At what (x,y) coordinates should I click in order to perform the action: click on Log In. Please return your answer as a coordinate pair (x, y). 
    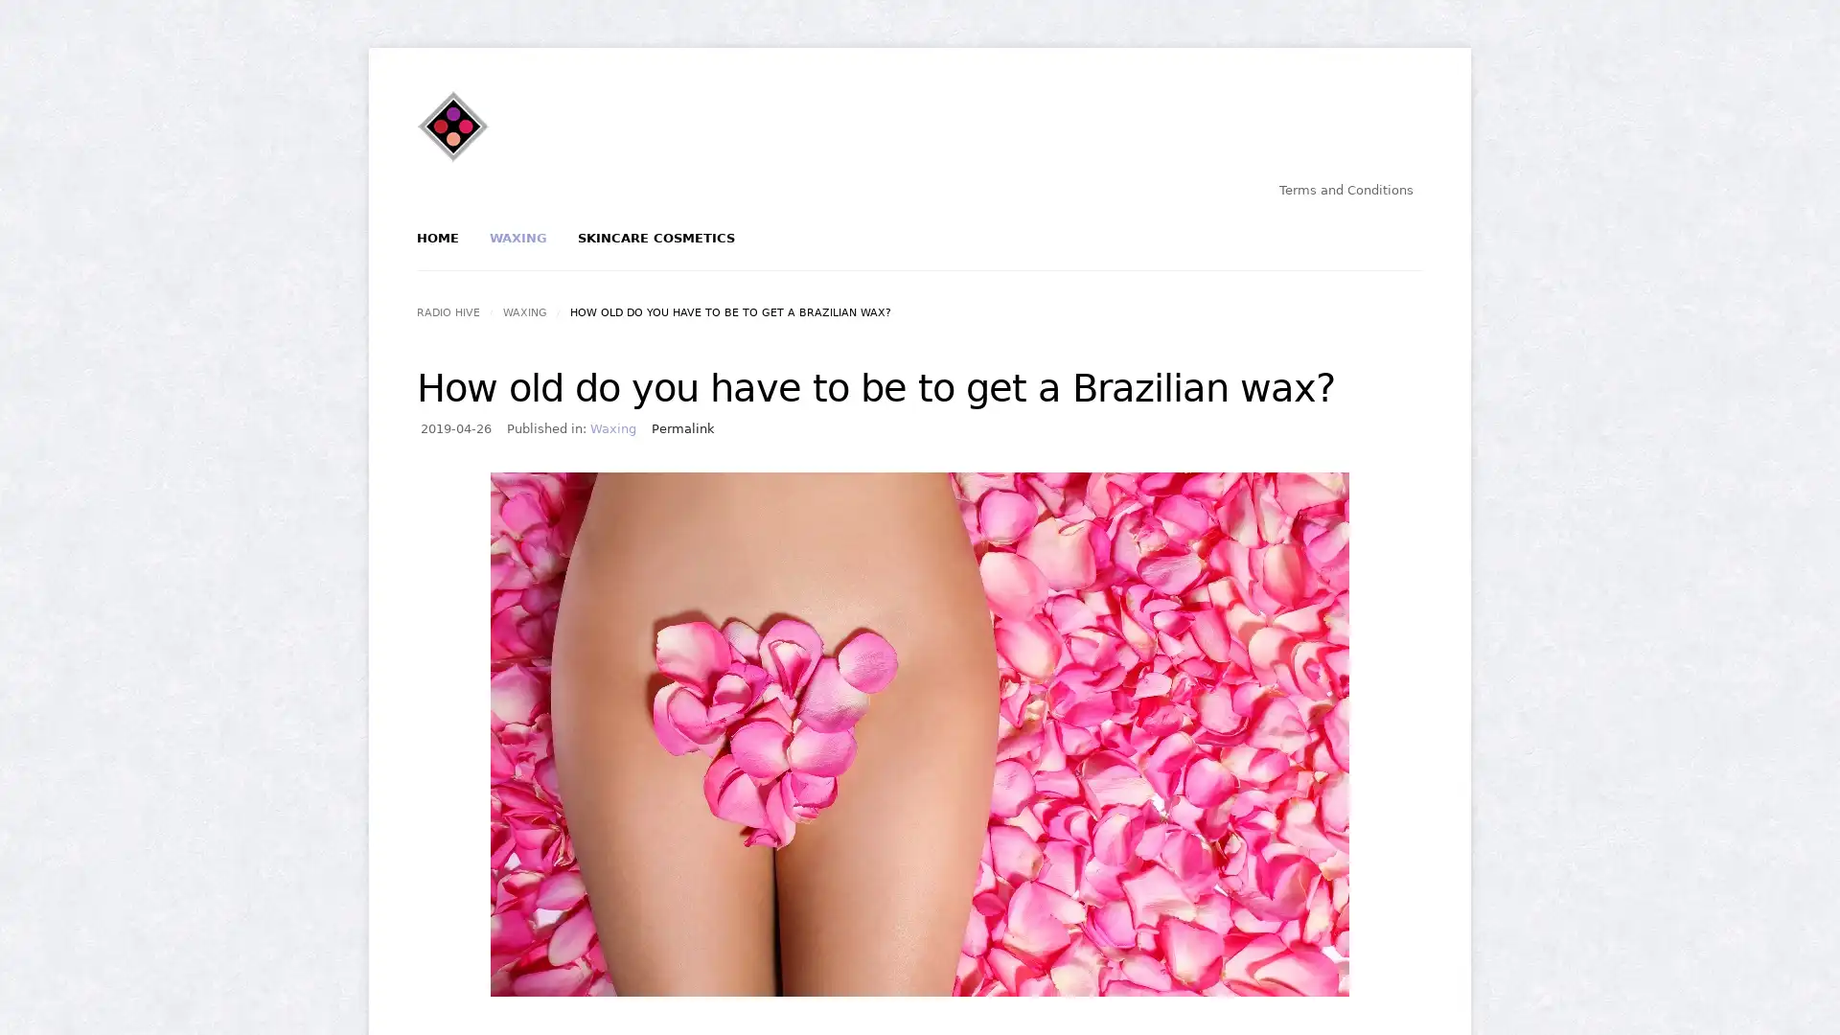
    Looking at the image, I should click on (852, 323).